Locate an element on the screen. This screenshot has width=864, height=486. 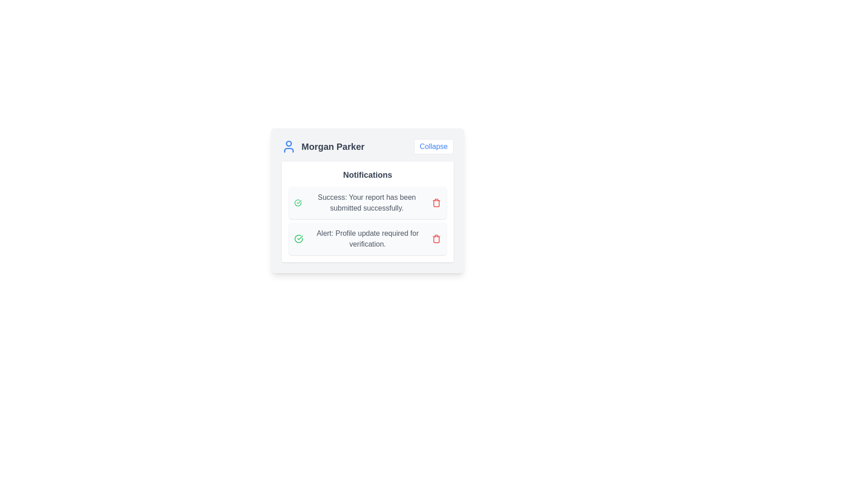
the central SVG Circle element that represents the avatar outline in the user card located at the top left of the card is located at coordinates (289, 143).